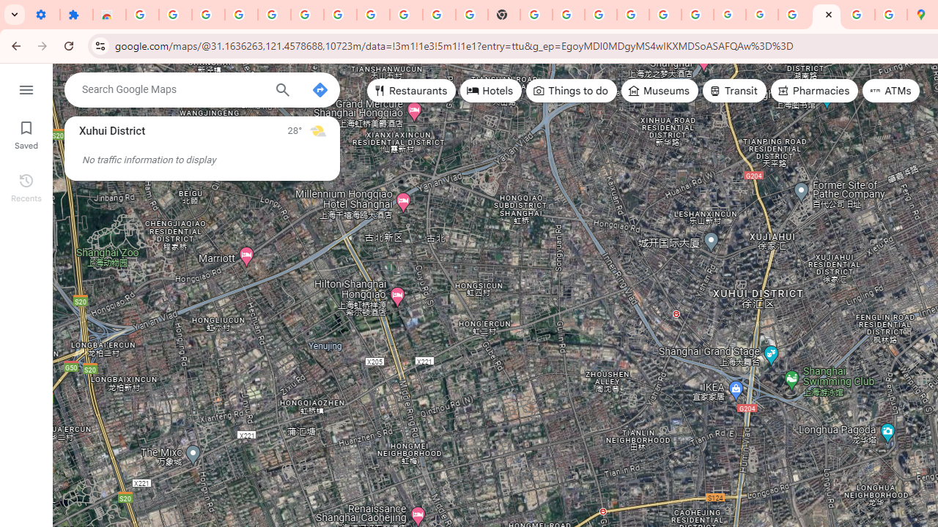  I want to click on 'Hotels', so click(491, 91).